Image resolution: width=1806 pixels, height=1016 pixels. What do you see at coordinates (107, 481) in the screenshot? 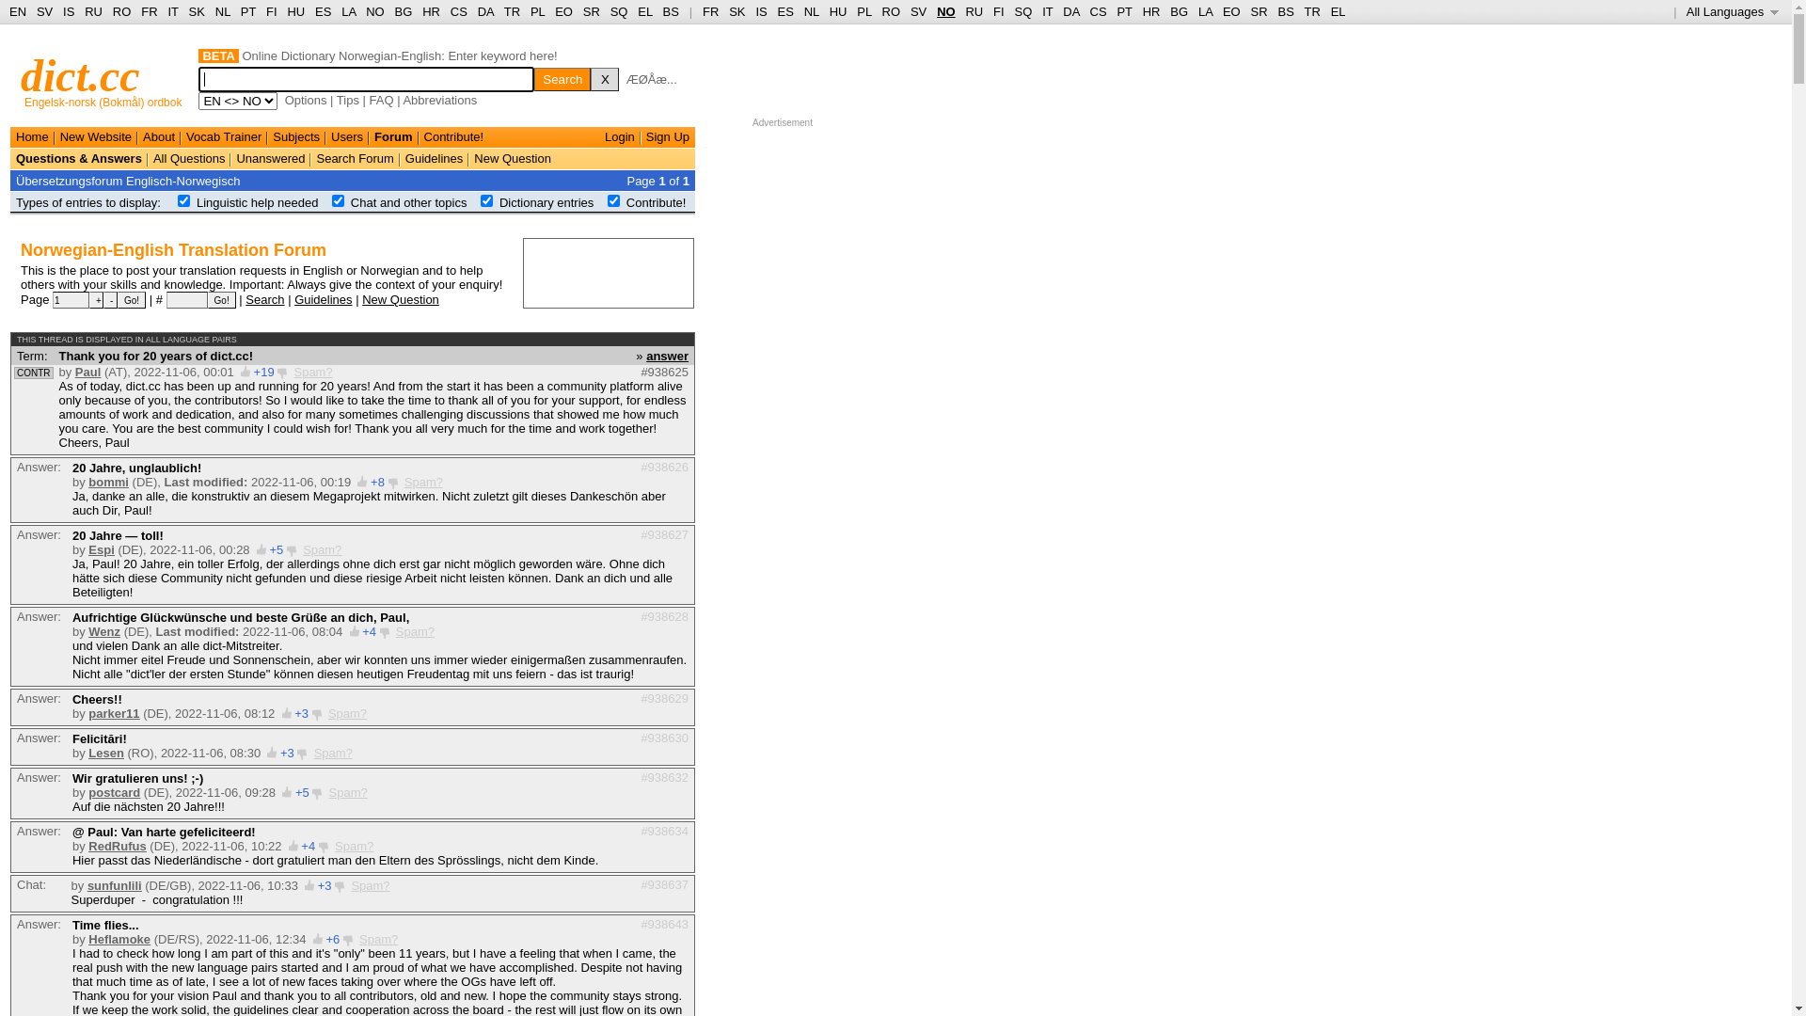
I see `'bommi'` at bounding box center [107, 481].